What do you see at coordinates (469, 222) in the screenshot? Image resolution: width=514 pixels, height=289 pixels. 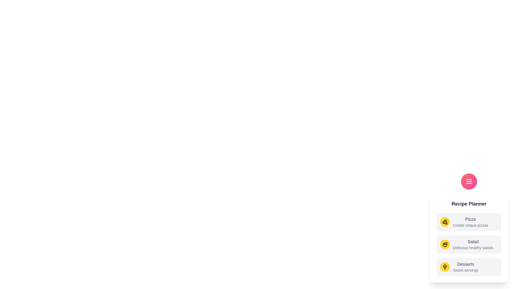 I see `the recipe option Pizza` at bounding box center [469, 222].